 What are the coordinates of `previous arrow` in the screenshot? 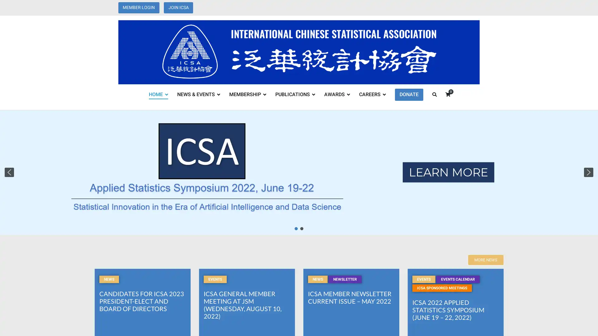 It's located at (9, 172).